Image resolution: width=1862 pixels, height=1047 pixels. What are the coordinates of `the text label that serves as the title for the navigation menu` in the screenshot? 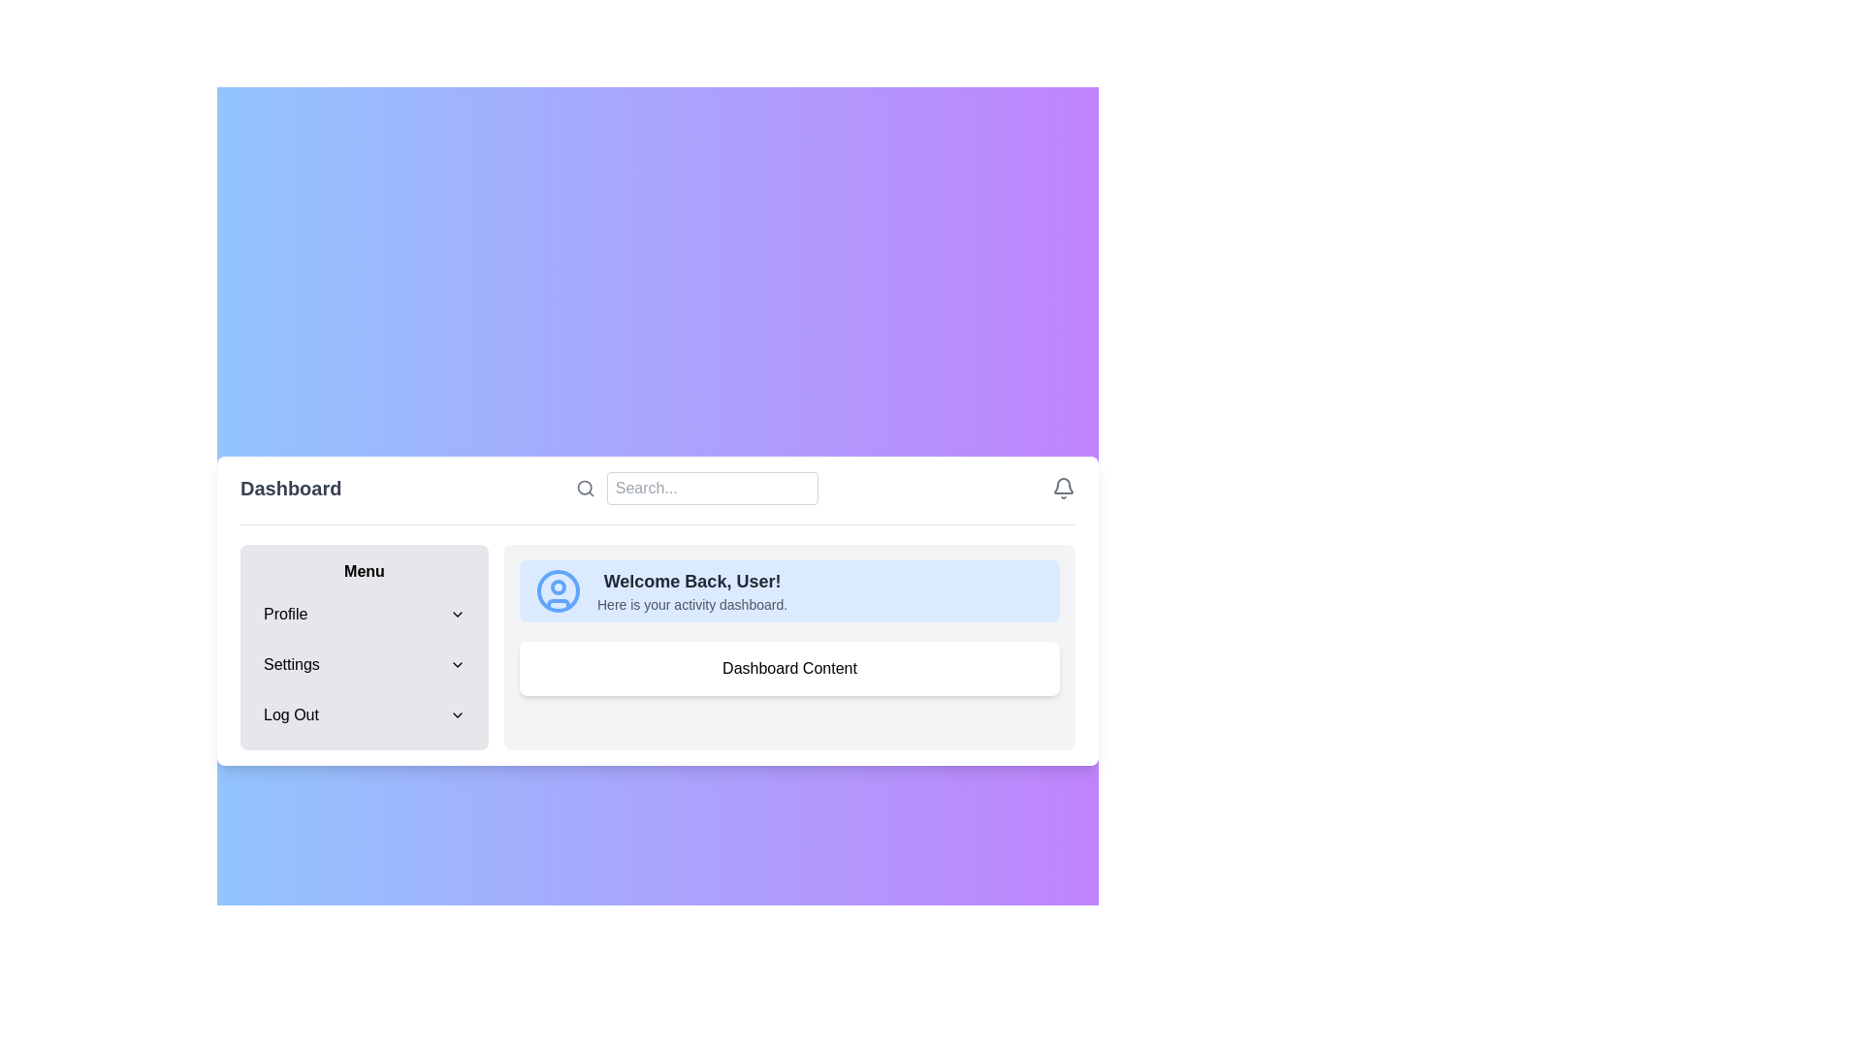 It's located at (364, 570).